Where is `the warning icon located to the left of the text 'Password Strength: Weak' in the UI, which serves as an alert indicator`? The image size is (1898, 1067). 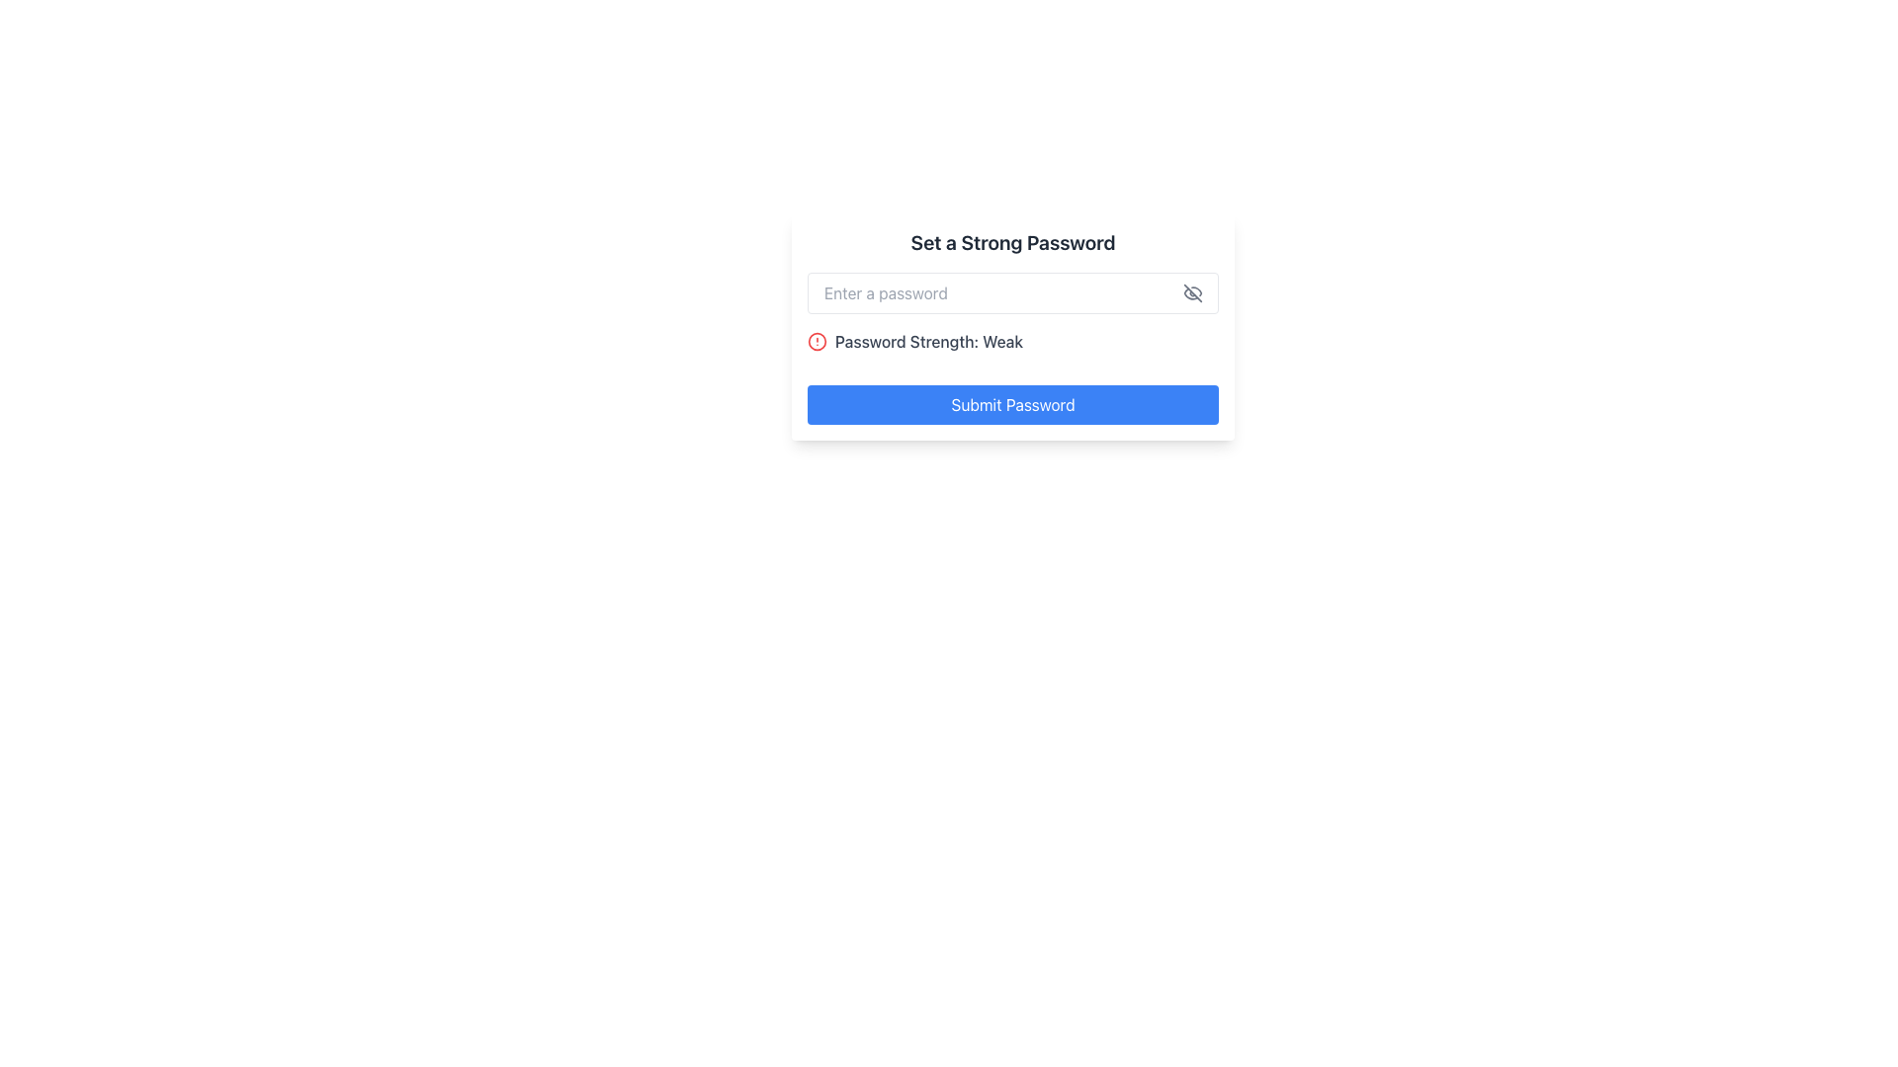
the warning icon located to the left of the text 'Password Strength: Weak' in the UI, which serves as an alert indicator is located at coordinates (817, 341).